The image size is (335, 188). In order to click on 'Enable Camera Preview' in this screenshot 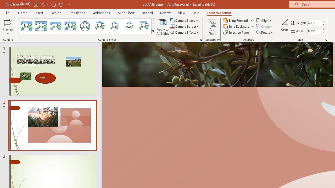, I will do `click(8, 22)`.